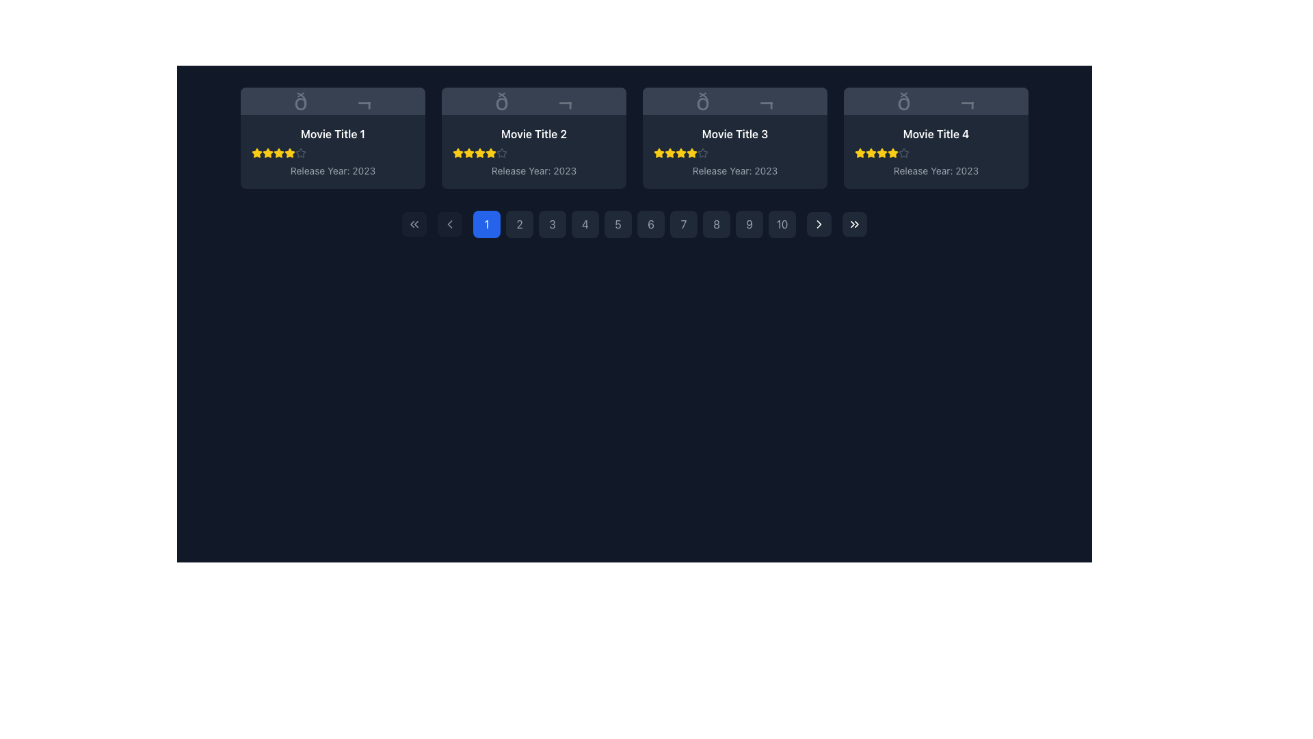 This screenshot has height=739, width=1313. Describe the element at coordinates (734, 134) in the screenshot. I see `the movie title text label located in the third card of the horizontally aligned movie items` at that location.